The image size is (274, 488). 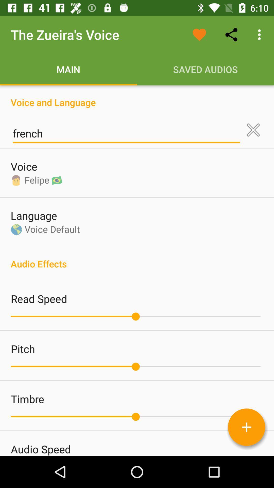 I want to click on the icon to the right of the zueira s icon, so click(x=199, y=34).